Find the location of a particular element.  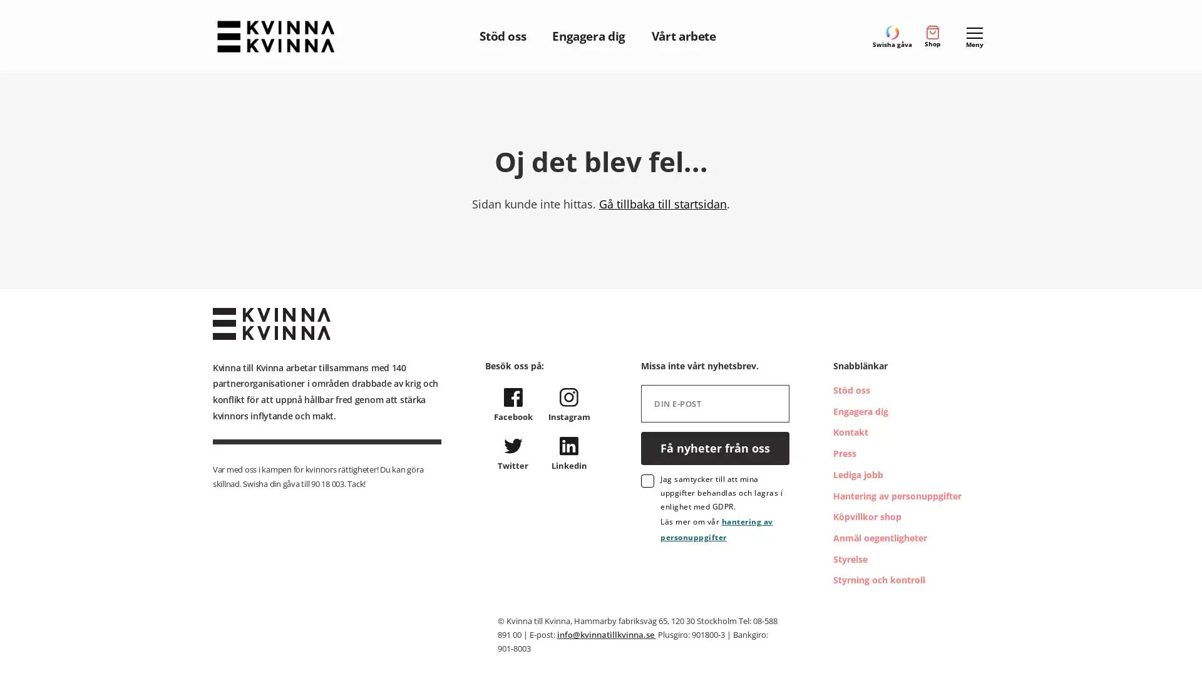

Fa nyheter fran oss is located at coordinates (715, 447).